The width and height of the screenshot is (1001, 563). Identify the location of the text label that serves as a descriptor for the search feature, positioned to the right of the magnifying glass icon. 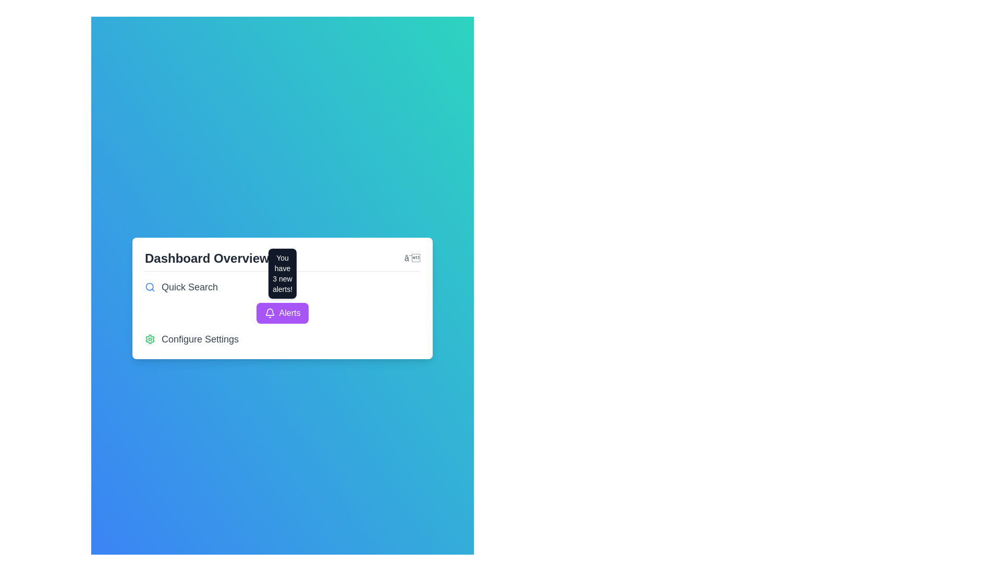
(190, 287).